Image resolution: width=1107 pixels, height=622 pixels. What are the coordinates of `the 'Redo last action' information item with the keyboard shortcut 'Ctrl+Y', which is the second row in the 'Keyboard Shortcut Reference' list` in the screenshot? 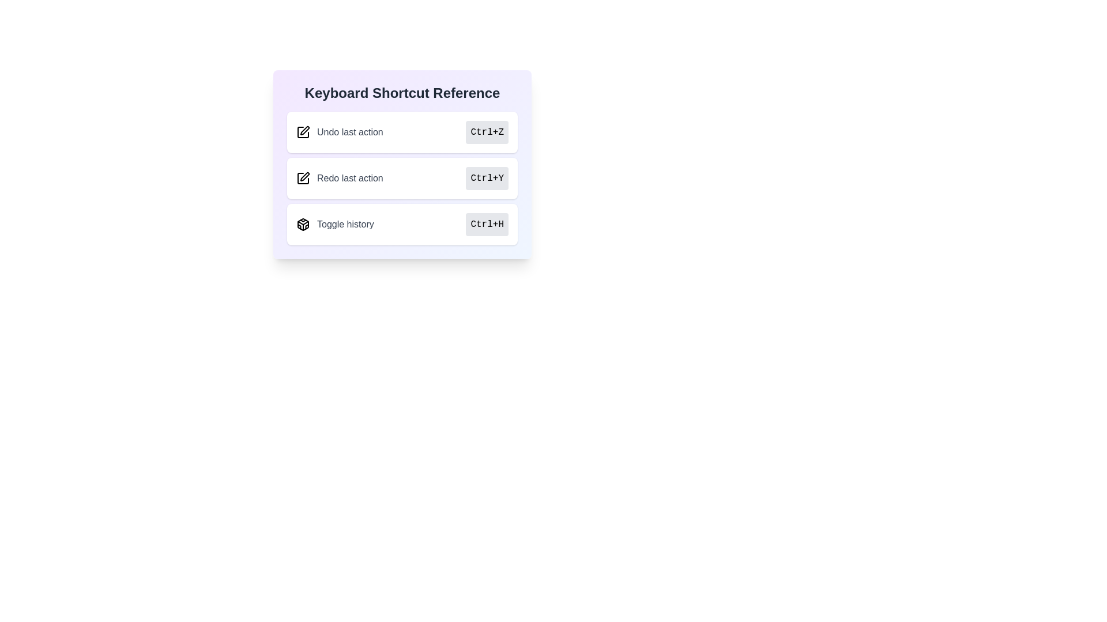 It's located at (439, 173).